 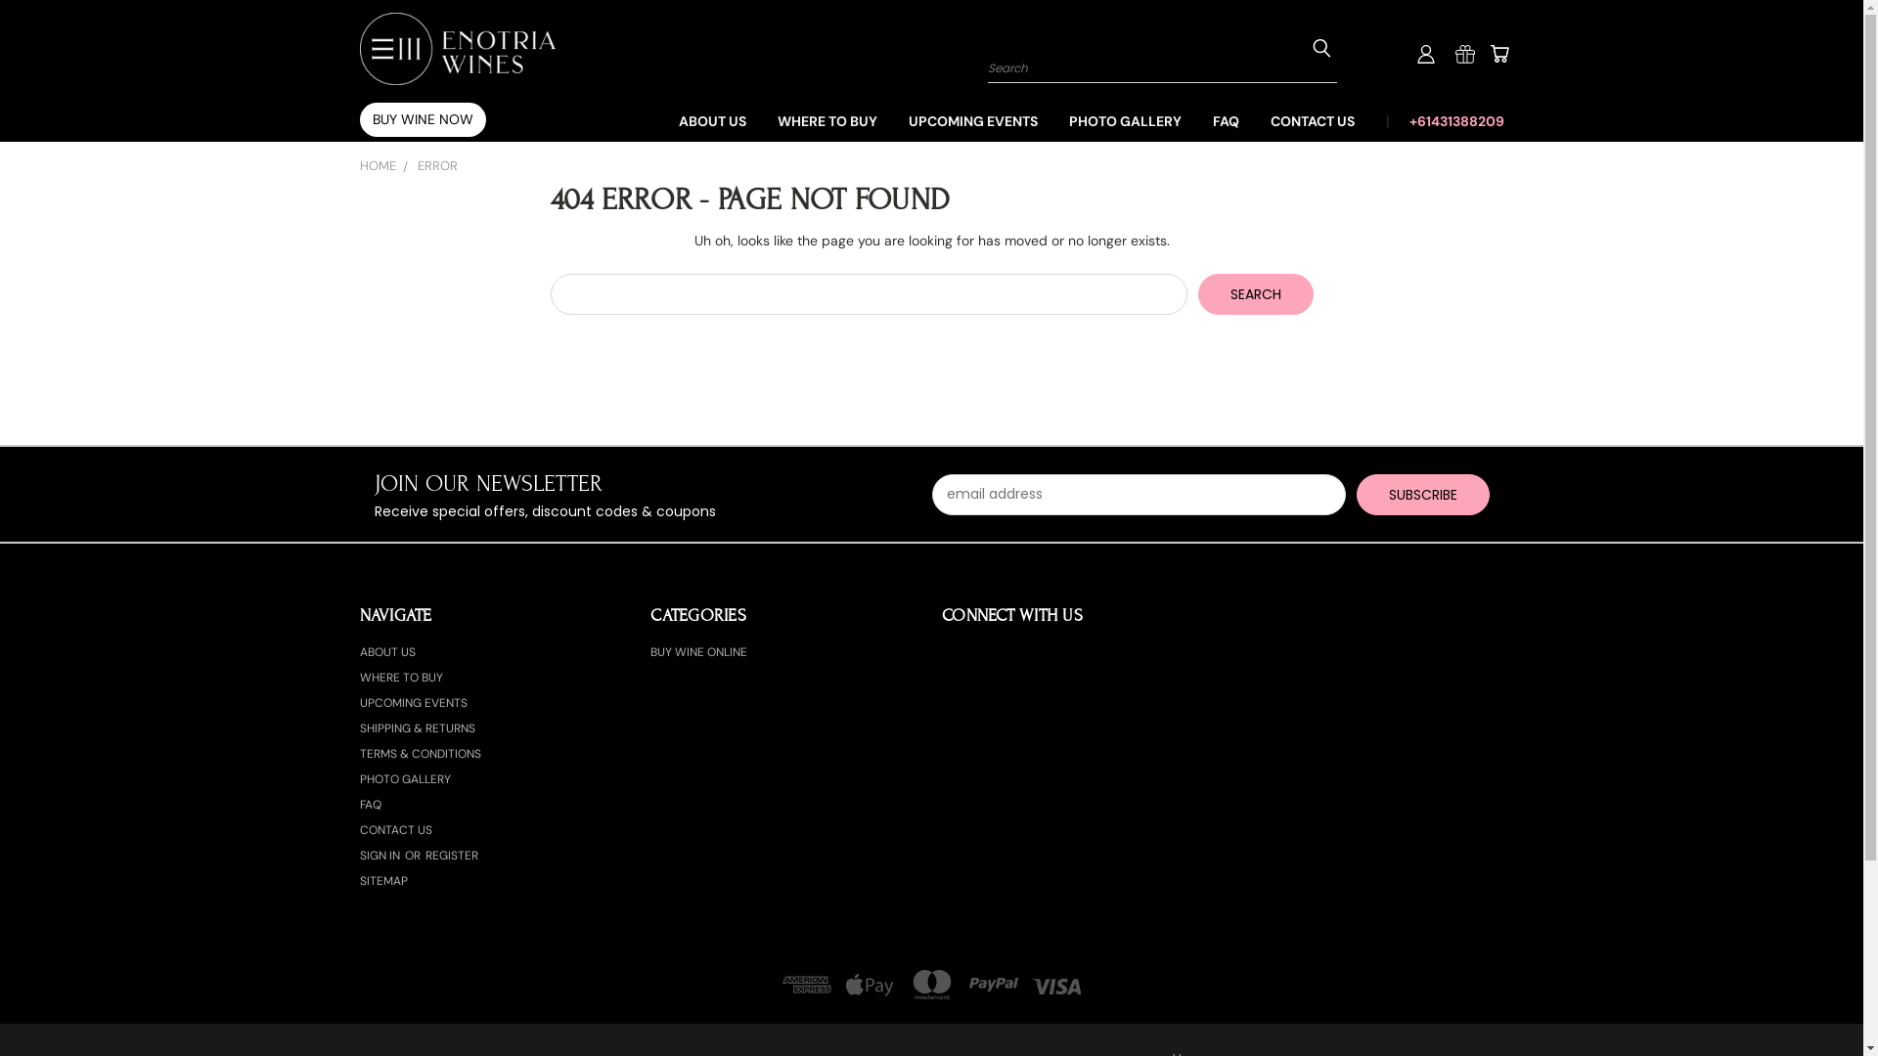 I want to click on 'SHIPPING & RETURNS', so click(x=417, y=731).